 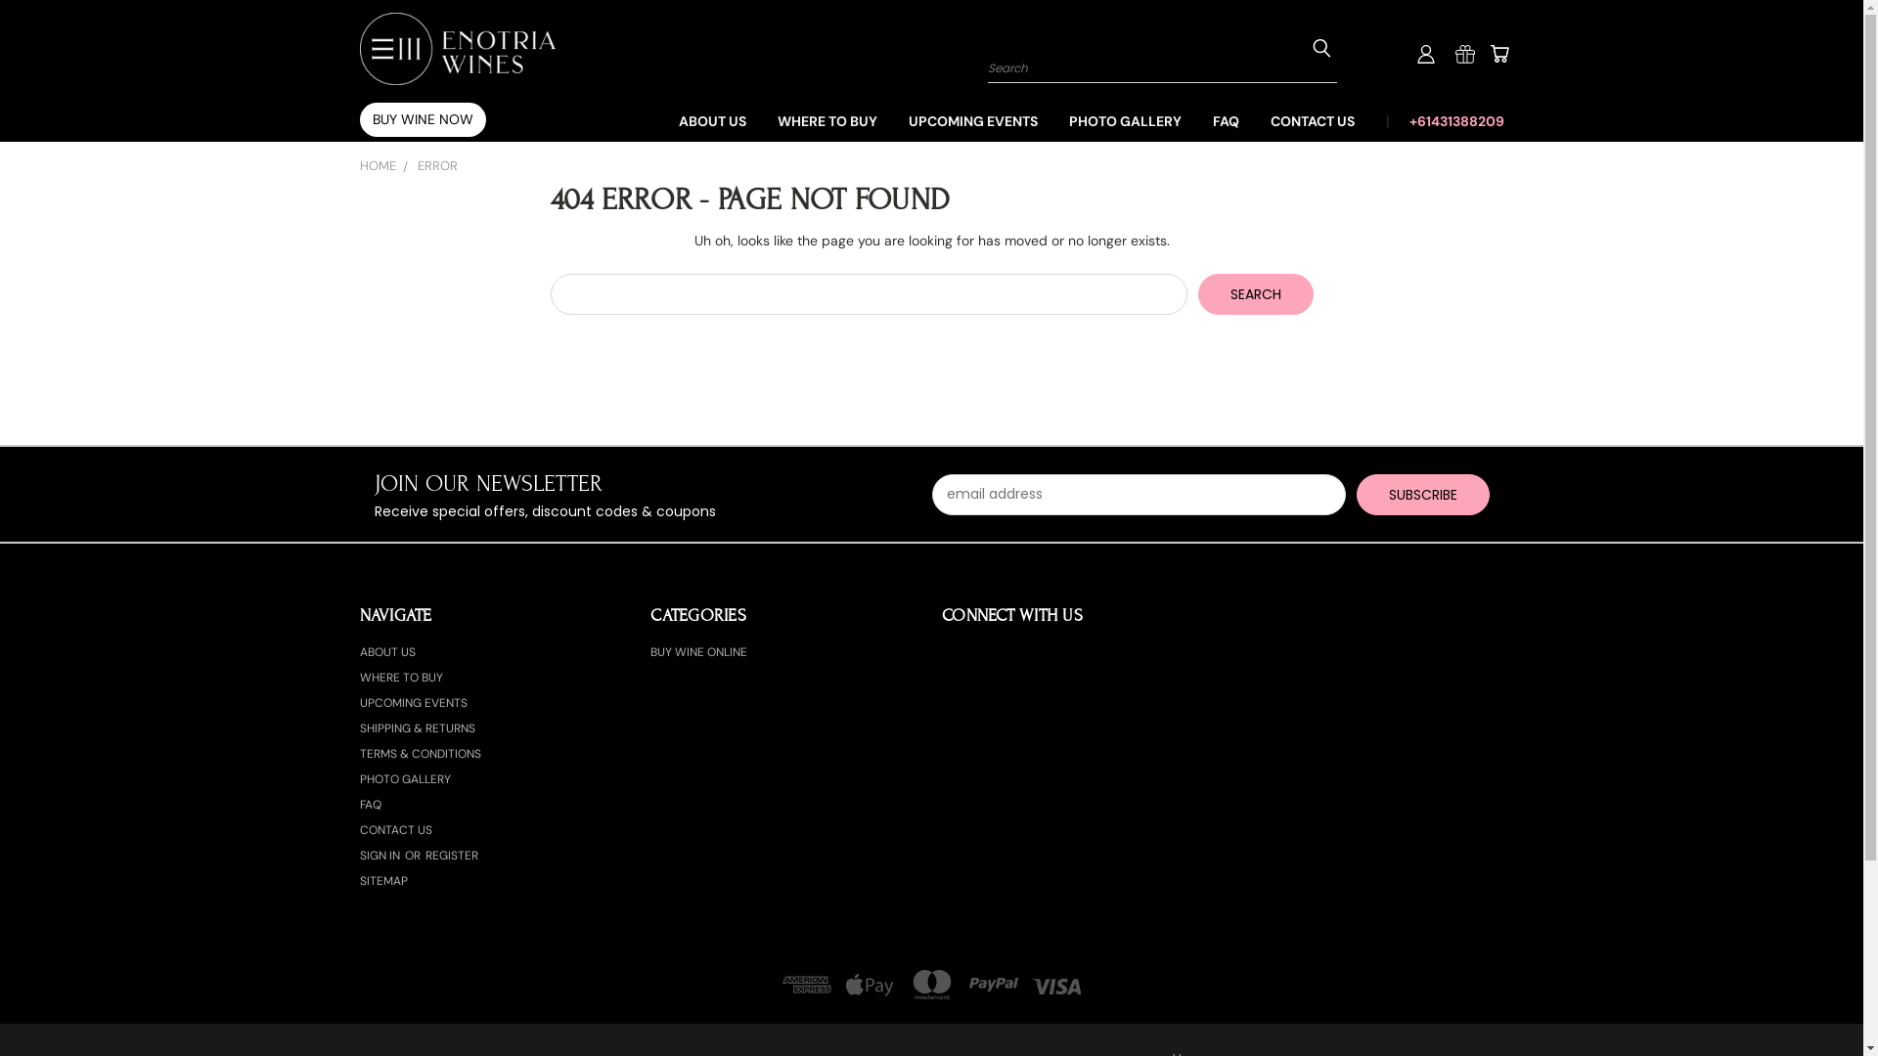 I want to click on 'SHIPPING & RETURNS', so click(x=417, y=731).